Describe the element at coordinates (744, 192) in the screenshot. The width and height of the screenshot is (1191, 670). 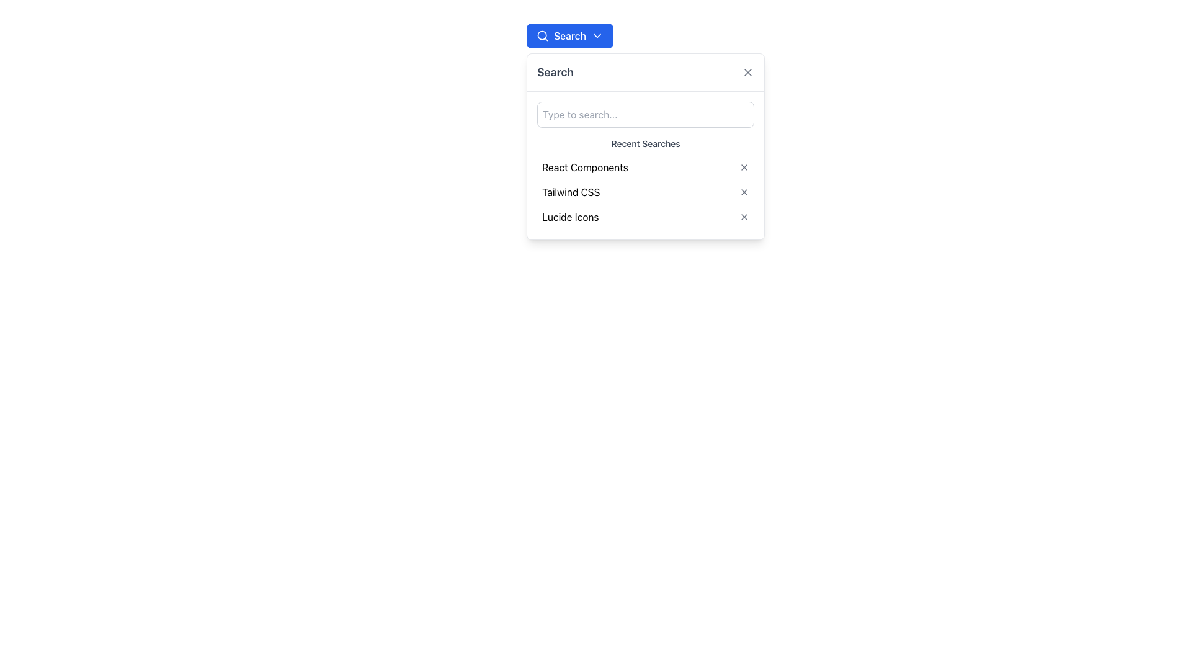
I see `the small 'X' icon button located at the far right side of the 'Tailwind CSS' text row in the recent searches dropdown menu` at that location.